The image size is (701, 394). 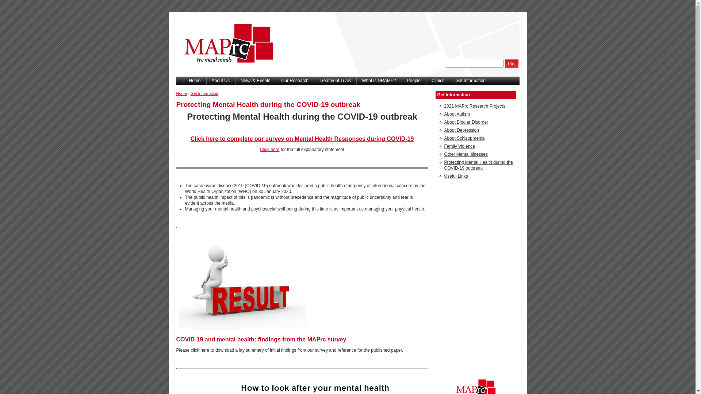 What do you see at coordinates (464, 138) in the screenshot?
I see `'About Schizophrenia'` at bounding box center [464, 138].